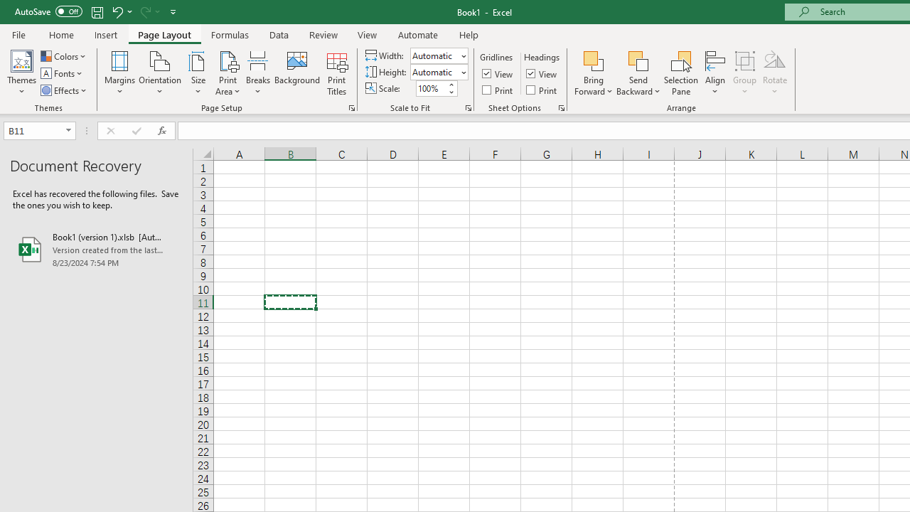 This screenshot has width=910, height=512. Describe the element at coordinates (21, 73) in the screenshot. I see `'Themes'` at that location.